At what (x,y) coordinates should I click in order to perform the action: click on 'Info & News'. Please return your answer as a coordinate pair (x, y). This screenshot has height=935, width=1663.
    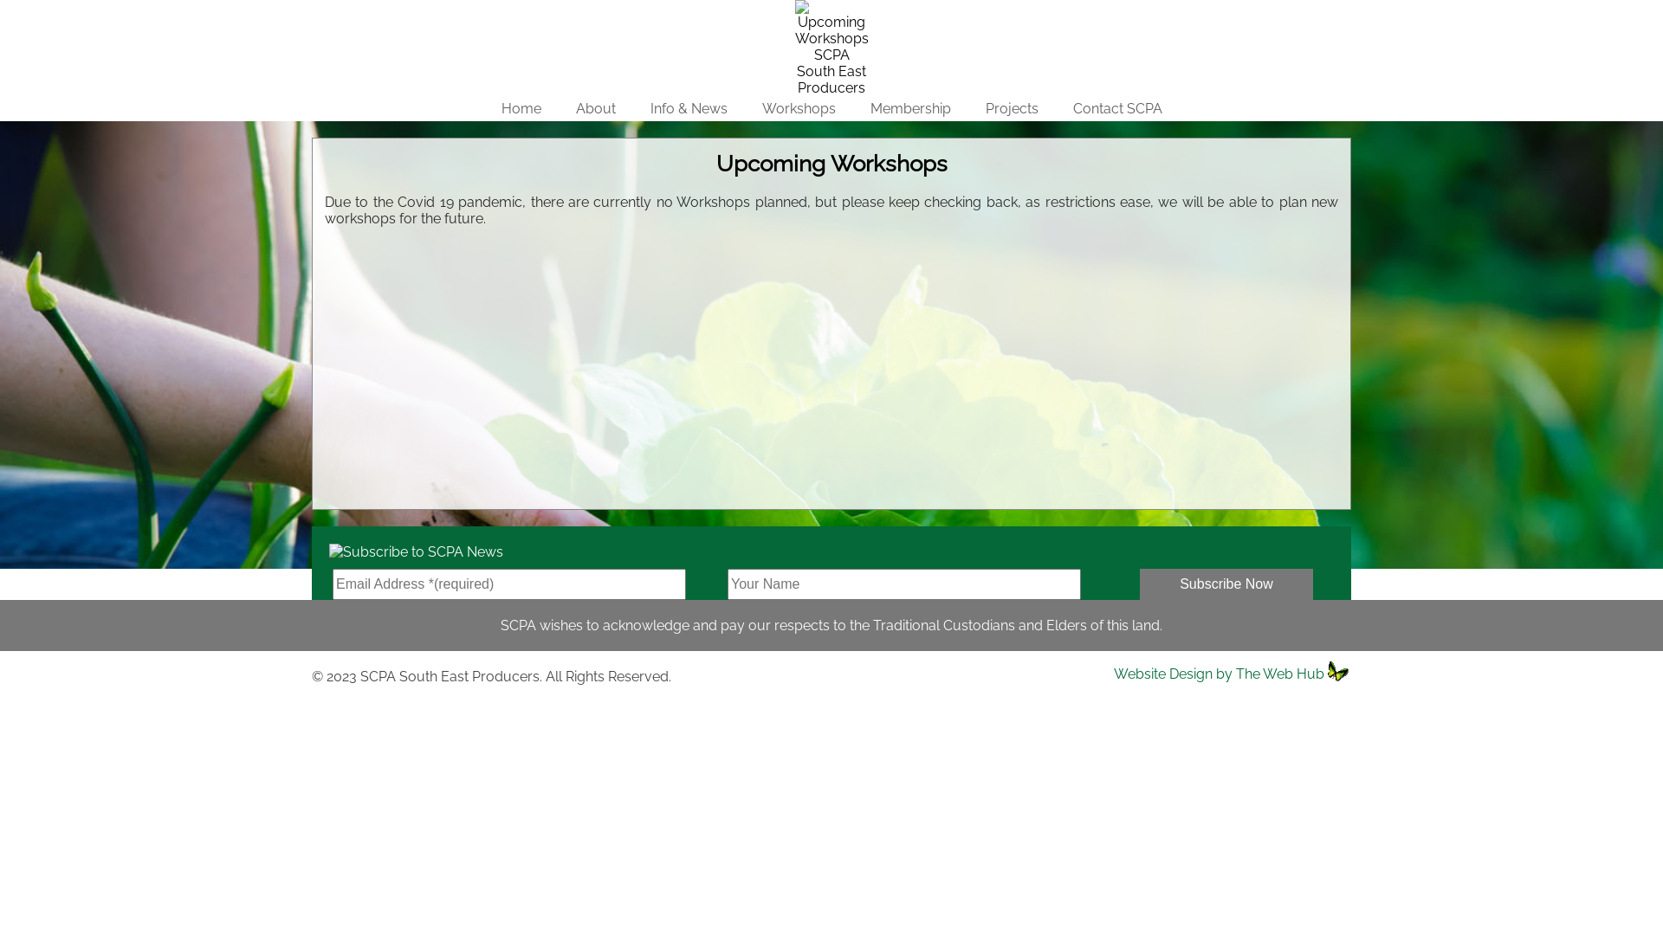
    Looking at the image, I should click on (687, 108).